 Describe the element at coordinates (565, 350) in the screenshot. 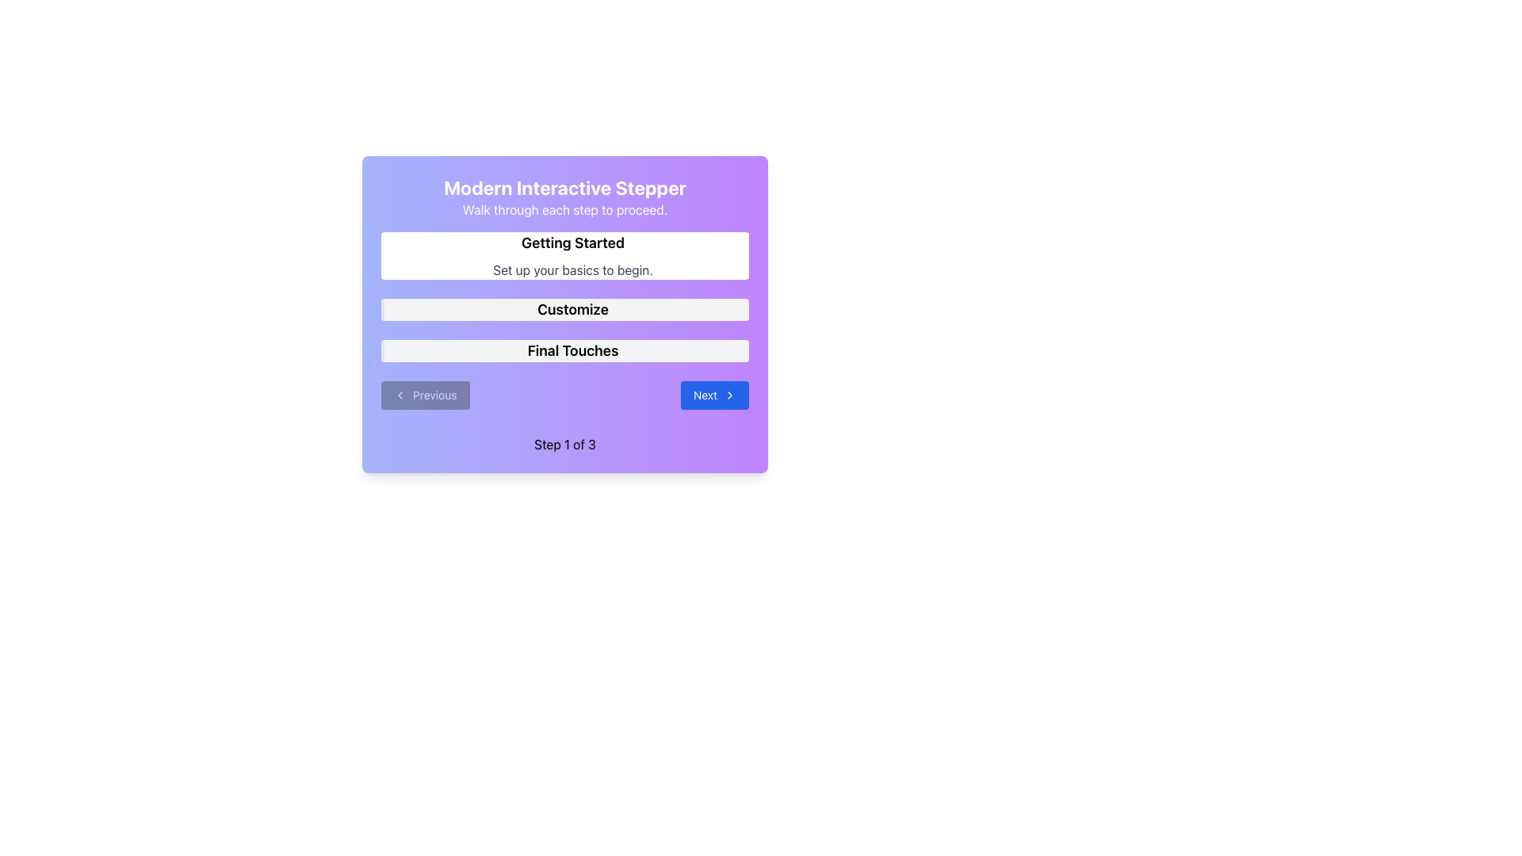

I see `the 'Final Touches' label in the stepper interface, which is the third item in a vertical list of steps` at that location.